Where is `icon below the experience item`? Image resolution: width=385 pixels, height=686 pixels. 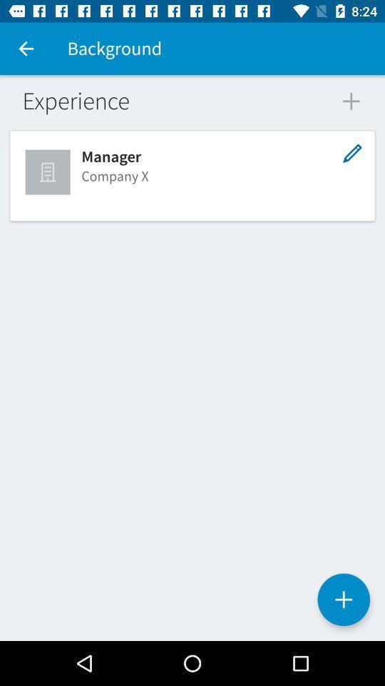 icon below the experience item is located at coordinates (48, 171).